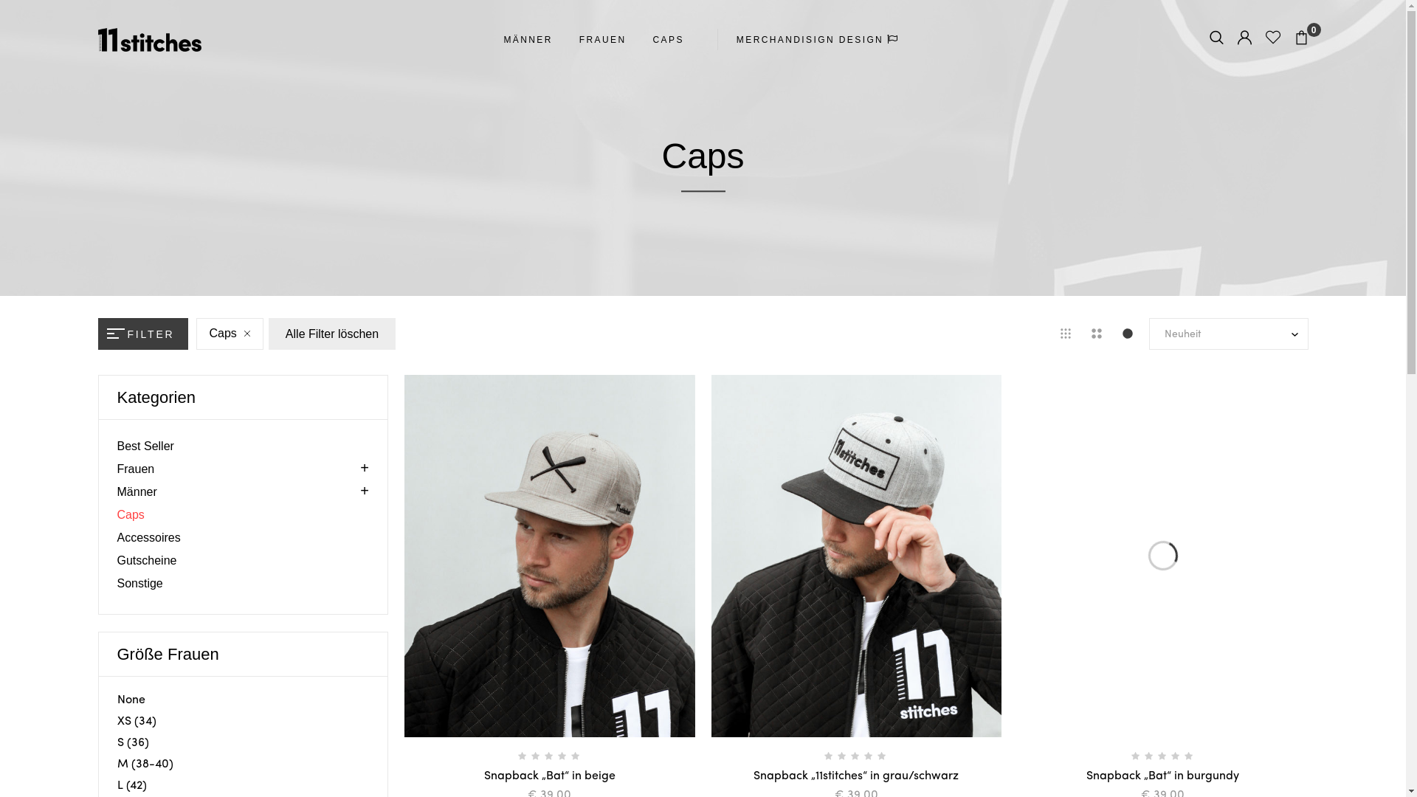 The height and width of the screenshot is (797, 1417). I want to click on 'FRAUEN', so click(602, 39).